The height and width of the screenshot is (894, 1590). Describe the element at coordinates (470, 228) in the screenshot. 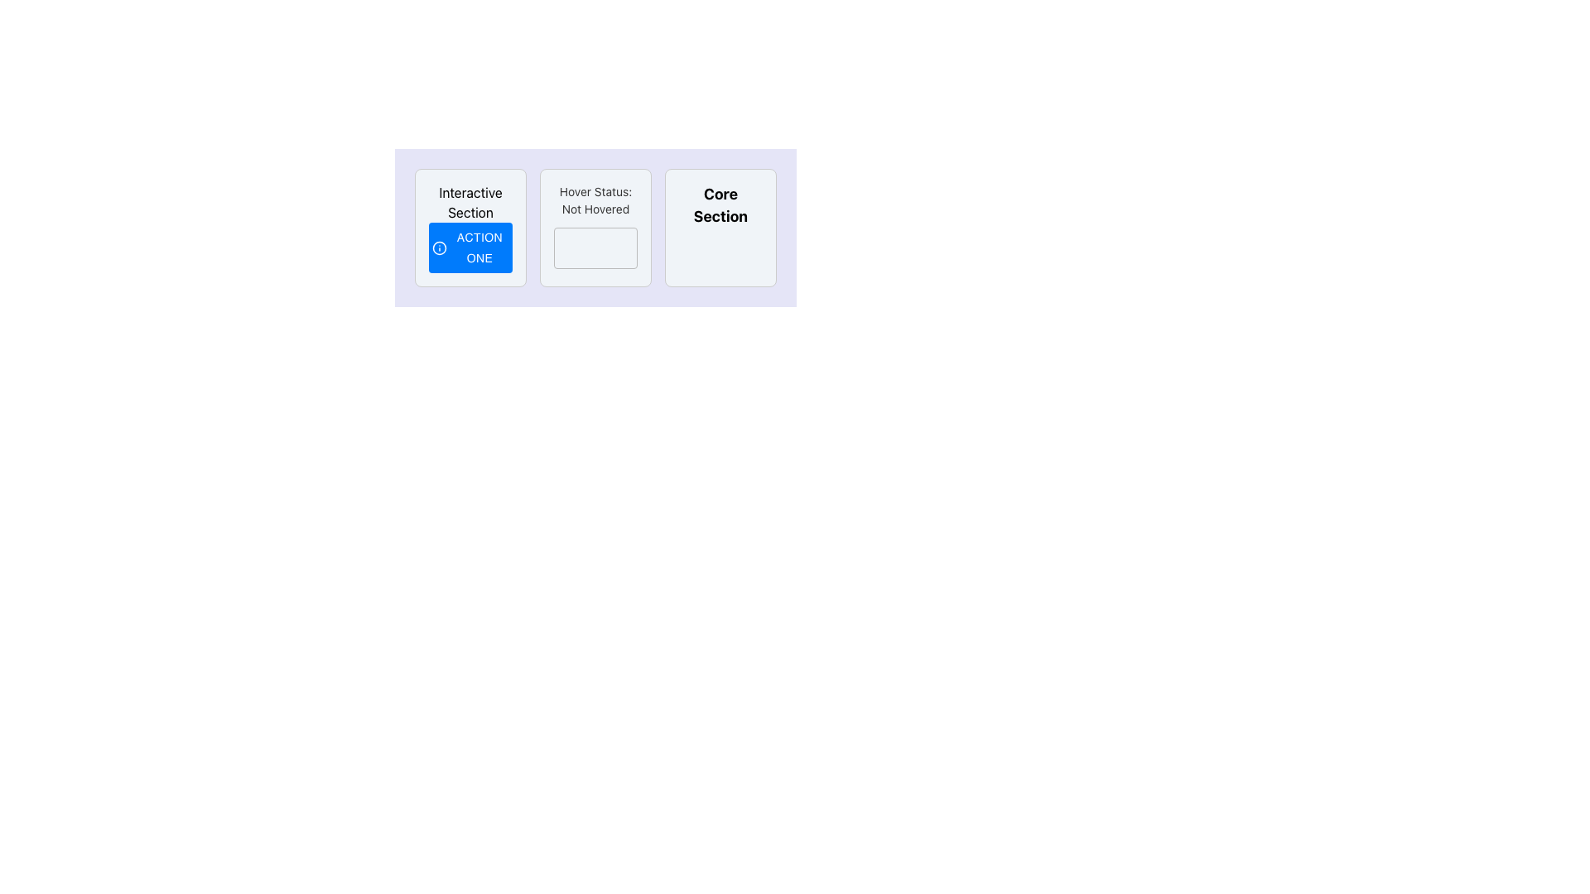

I see `the 'Action One' button located on the leftmost card in the grid layout for keyboard interaction` at that location.